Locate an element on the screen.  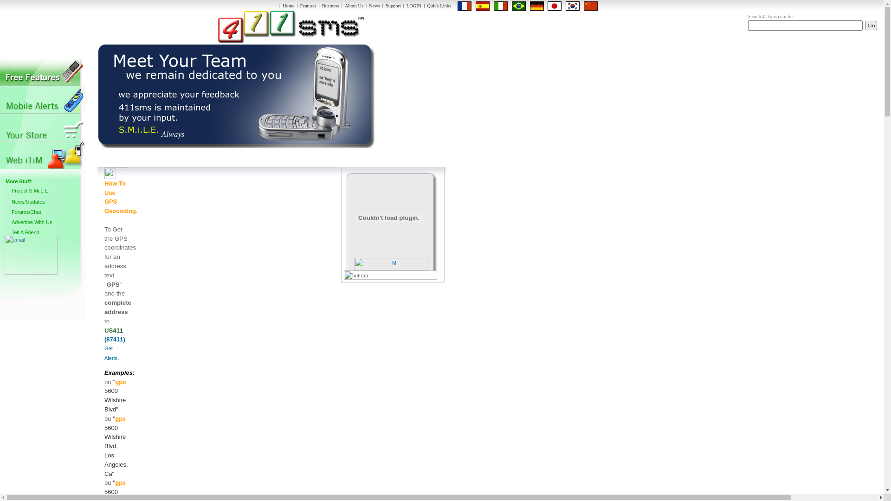
'Business' is located at coordinates (330, 5).